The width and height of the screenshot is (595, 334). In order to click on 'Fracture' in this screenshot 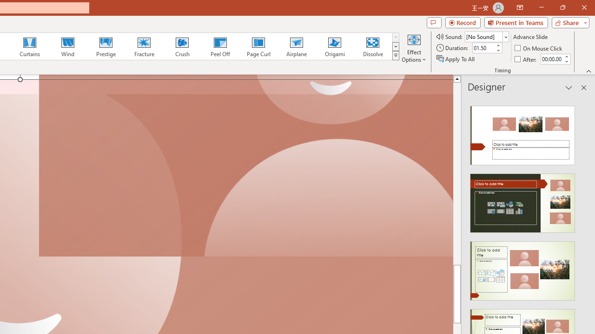, I will do `click(143, 46)`.